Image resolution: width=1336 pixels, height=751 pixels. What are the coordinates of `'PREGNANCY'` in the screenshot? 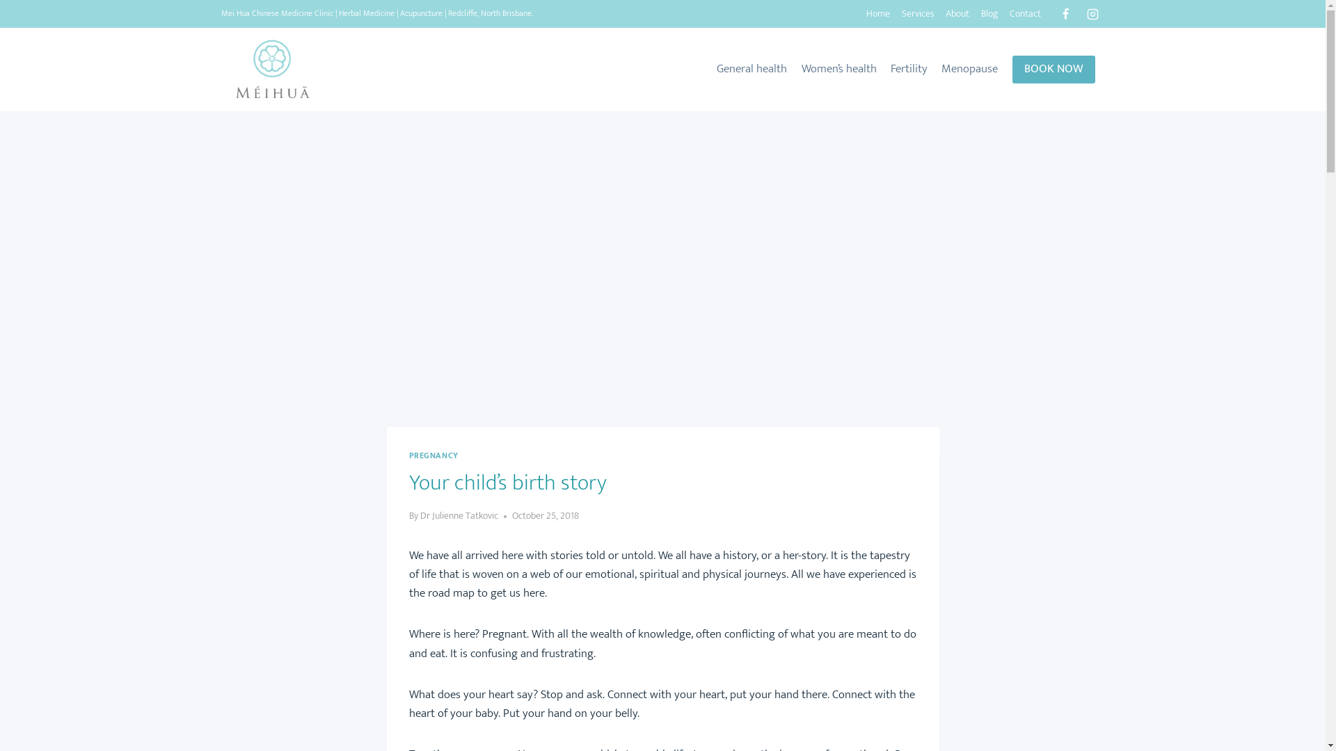 It's located at (433, 455).